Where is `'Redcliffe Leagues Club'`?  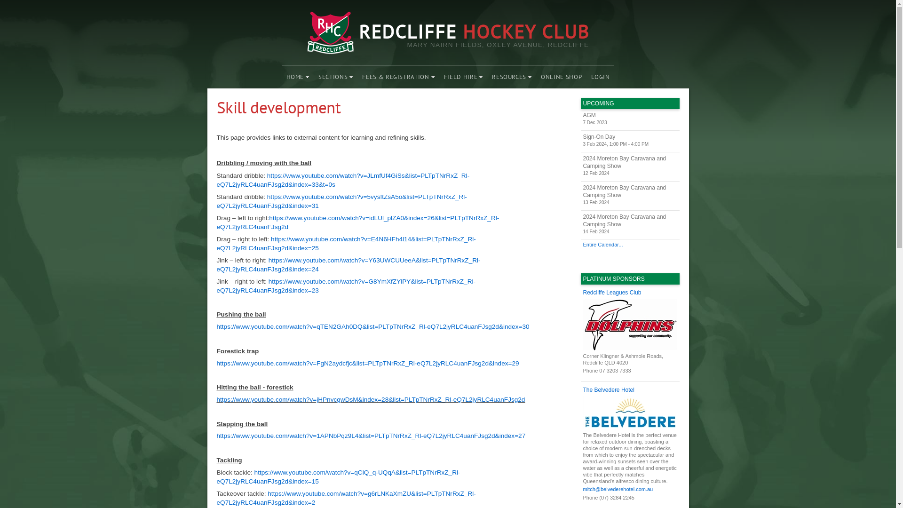 'Redcliffe Leagues Club' is located at coordinates (630, 293).